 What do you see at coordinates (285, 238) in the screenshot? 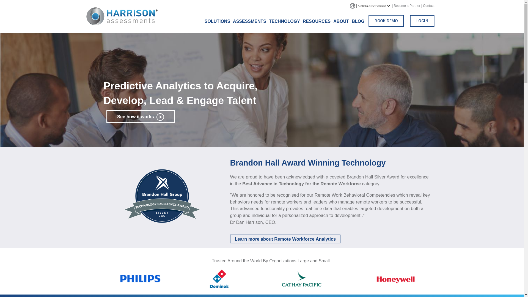
I see `'Learn more about Remote Workforce Analytics'` at bounding box center [285, 238].